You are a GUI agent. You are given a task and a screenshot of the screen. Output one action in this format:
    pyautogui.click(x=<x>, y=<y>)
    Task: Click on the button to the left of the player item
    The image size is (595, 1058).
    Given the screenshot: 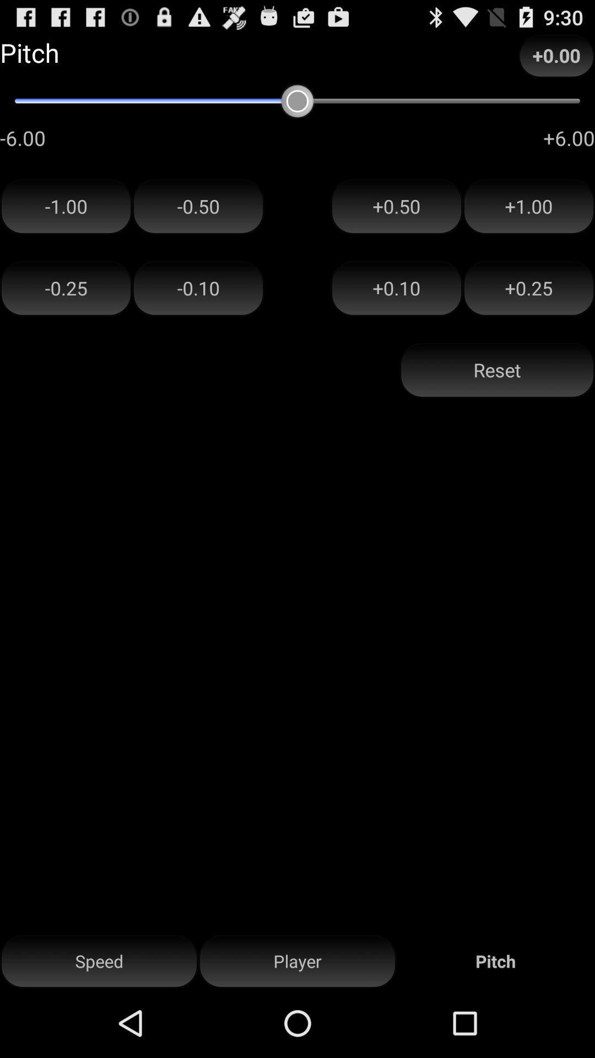 What is the action you would take?
    pyautogui.click(x=99, y=961)
    